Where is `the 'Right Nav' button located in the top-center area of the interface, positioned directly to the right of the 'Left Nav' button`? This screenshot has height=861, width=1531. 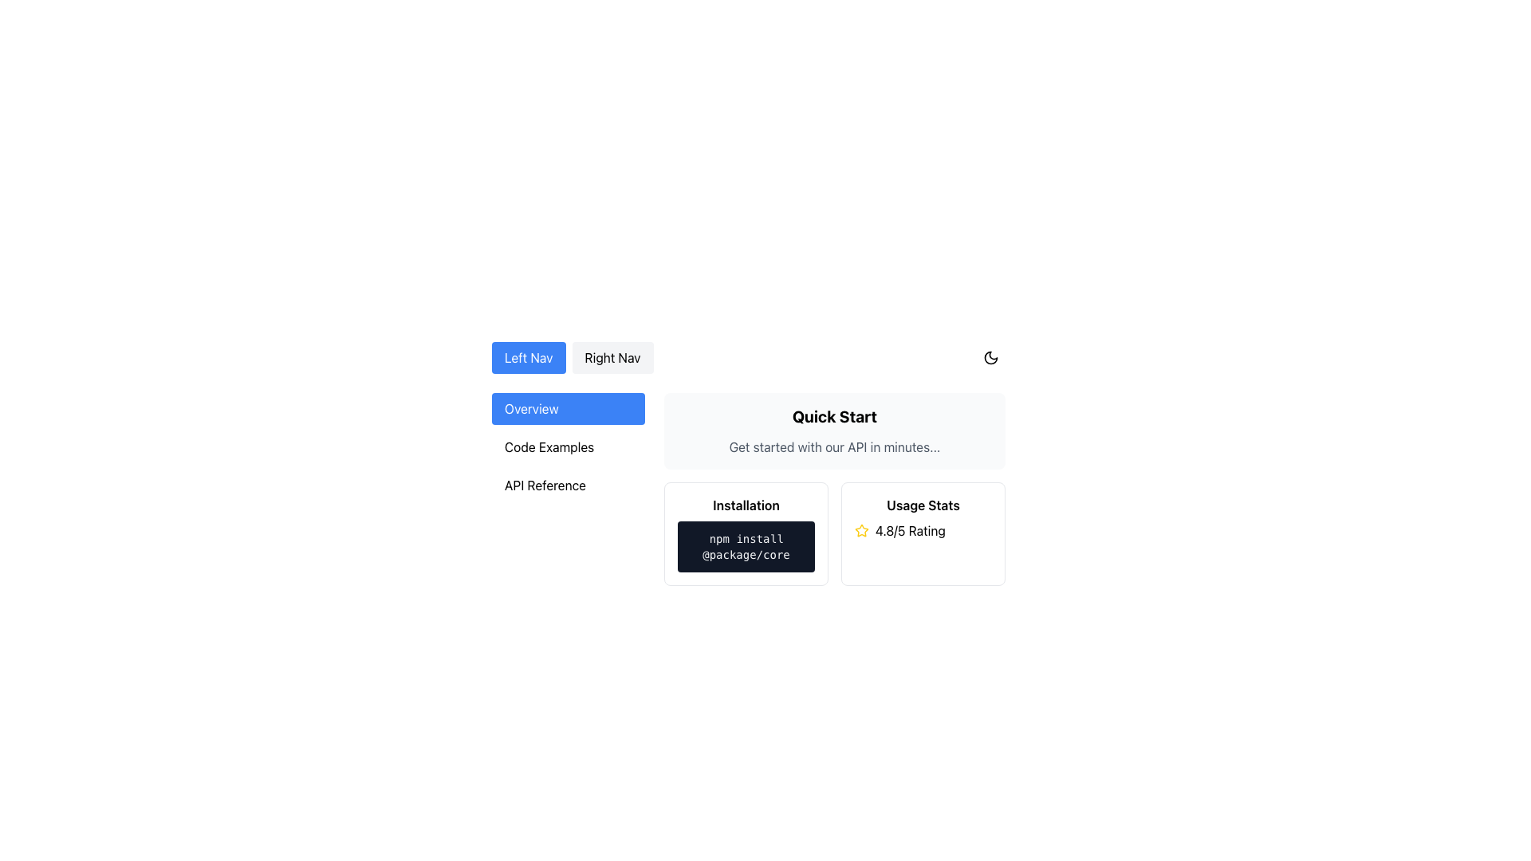 the 'Right Nav' button located in the top-center area of the interface, positioned directly to the right of the 'Left Nav' button is located at coordinates (612, 356).